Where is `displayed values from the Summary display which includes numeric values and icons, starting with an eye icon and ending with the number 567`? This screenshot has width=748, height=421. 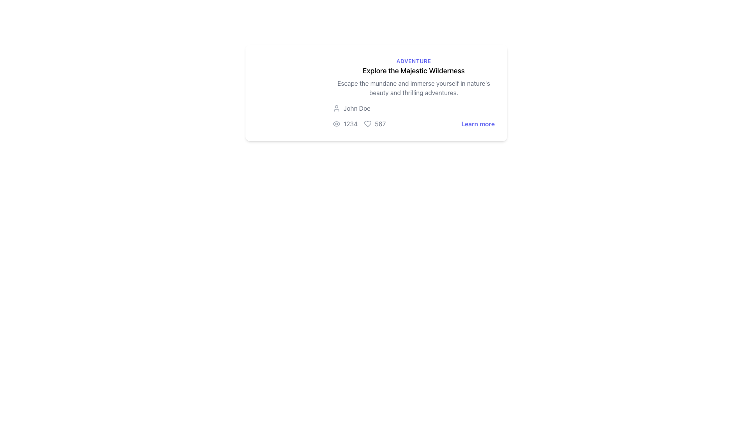
displayed values from the Summary display which includes numeric values and icons, starting with an eye icon and ending with the number 567 is located at coordinates (359, 123).